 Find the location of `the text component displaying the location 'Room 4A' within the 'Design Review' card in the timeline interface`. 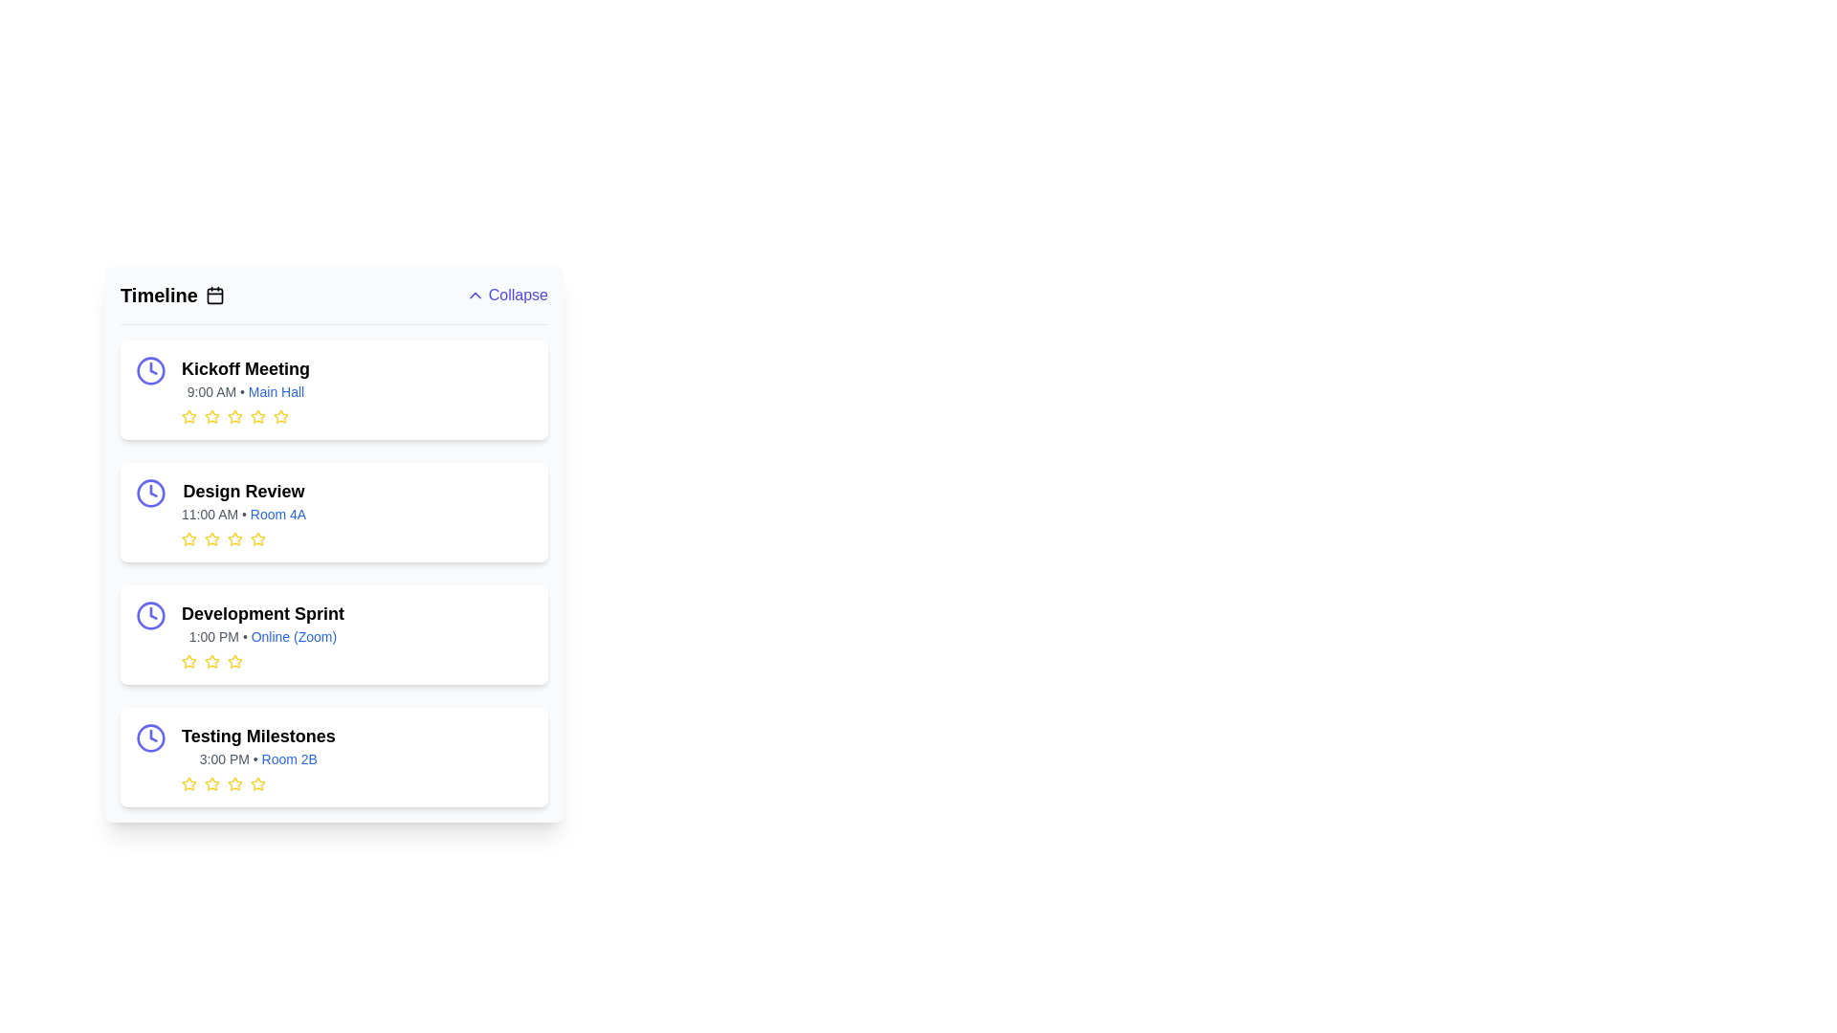

the text component displaying the location 'Room 4A' within the 'Design Review' card in the timeline interface is located at coordinates (243, 513).